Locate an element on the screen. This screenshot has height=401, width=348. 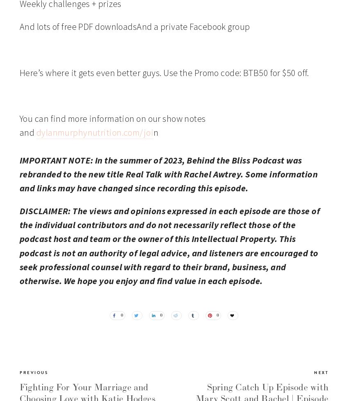
'n' is located at coordinates (155, 132).